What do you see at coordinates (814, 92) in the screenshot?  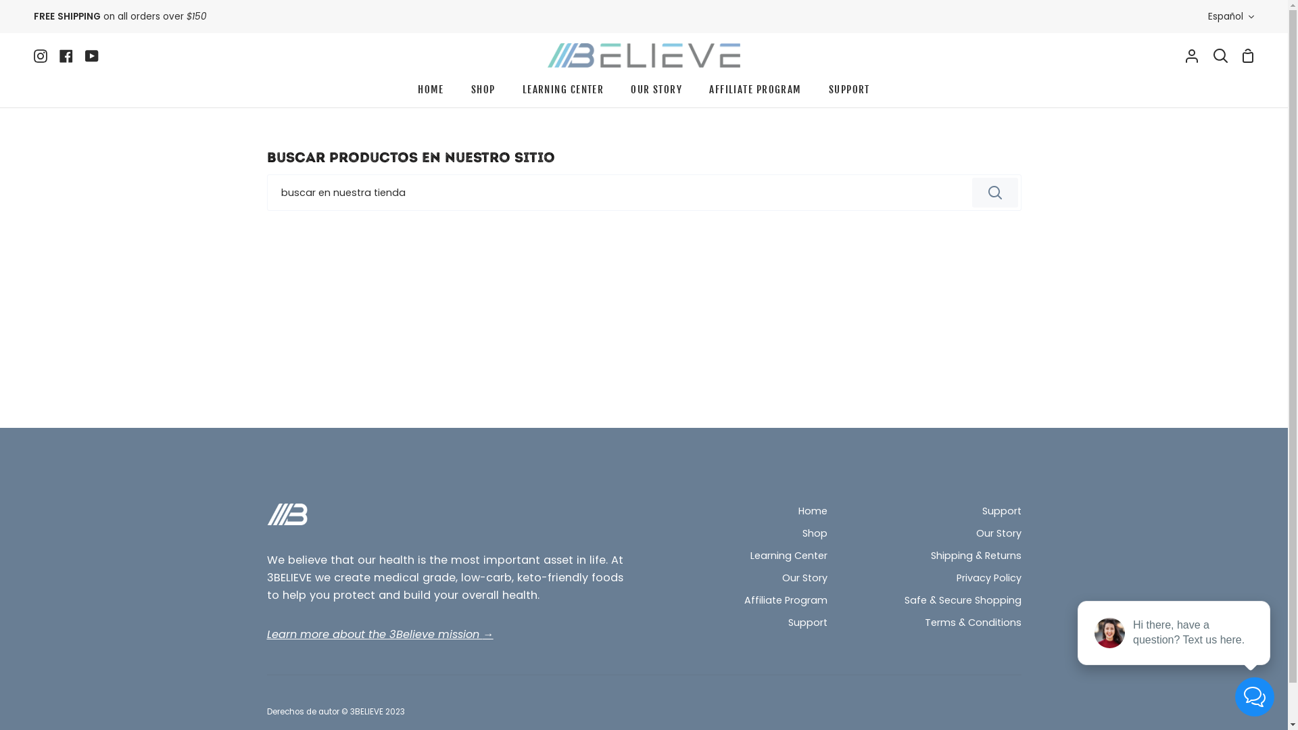 I see `'SUPPORT'` at bounding box center [814, 92].